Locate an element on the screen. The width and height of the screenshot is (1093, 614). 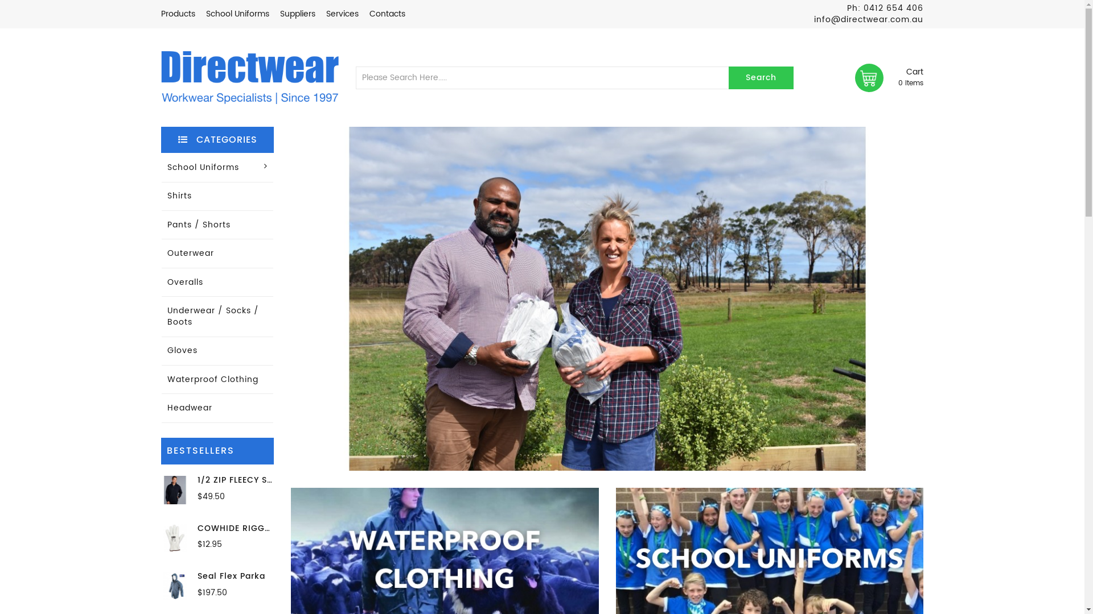
'Directwear' is located at coordinates (249, 77).